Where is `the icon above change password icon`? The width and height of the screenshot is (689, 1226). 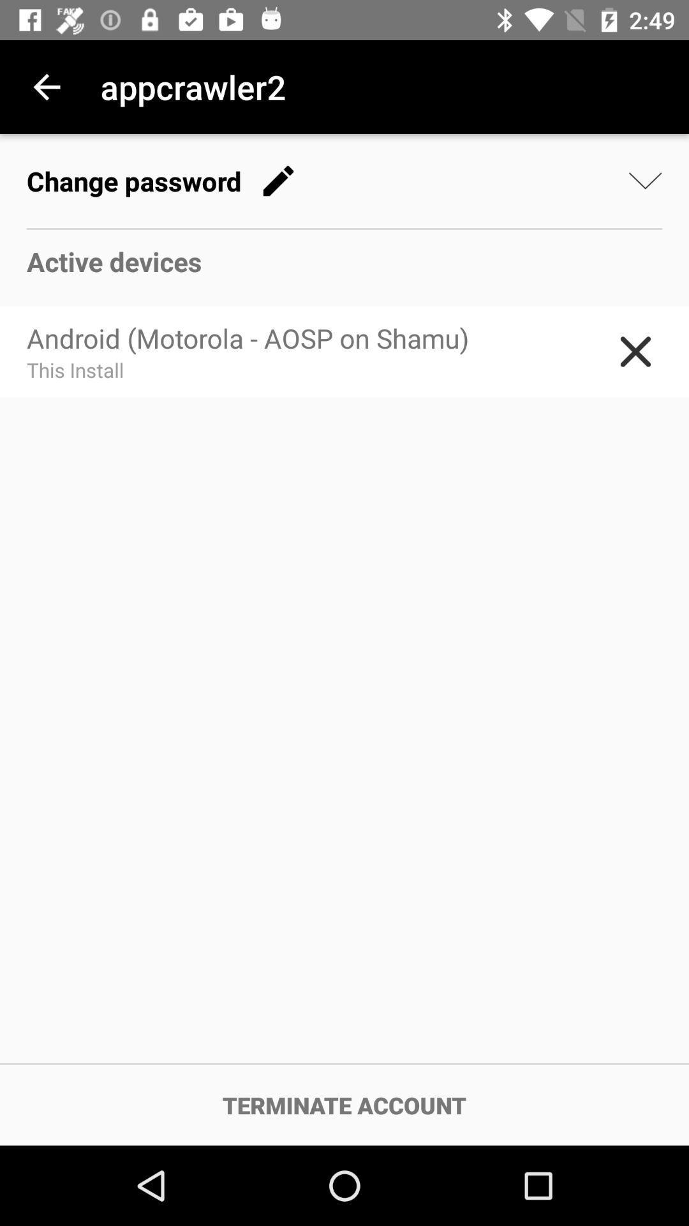 the icon above change password icon is located at coordinates (46, 86).